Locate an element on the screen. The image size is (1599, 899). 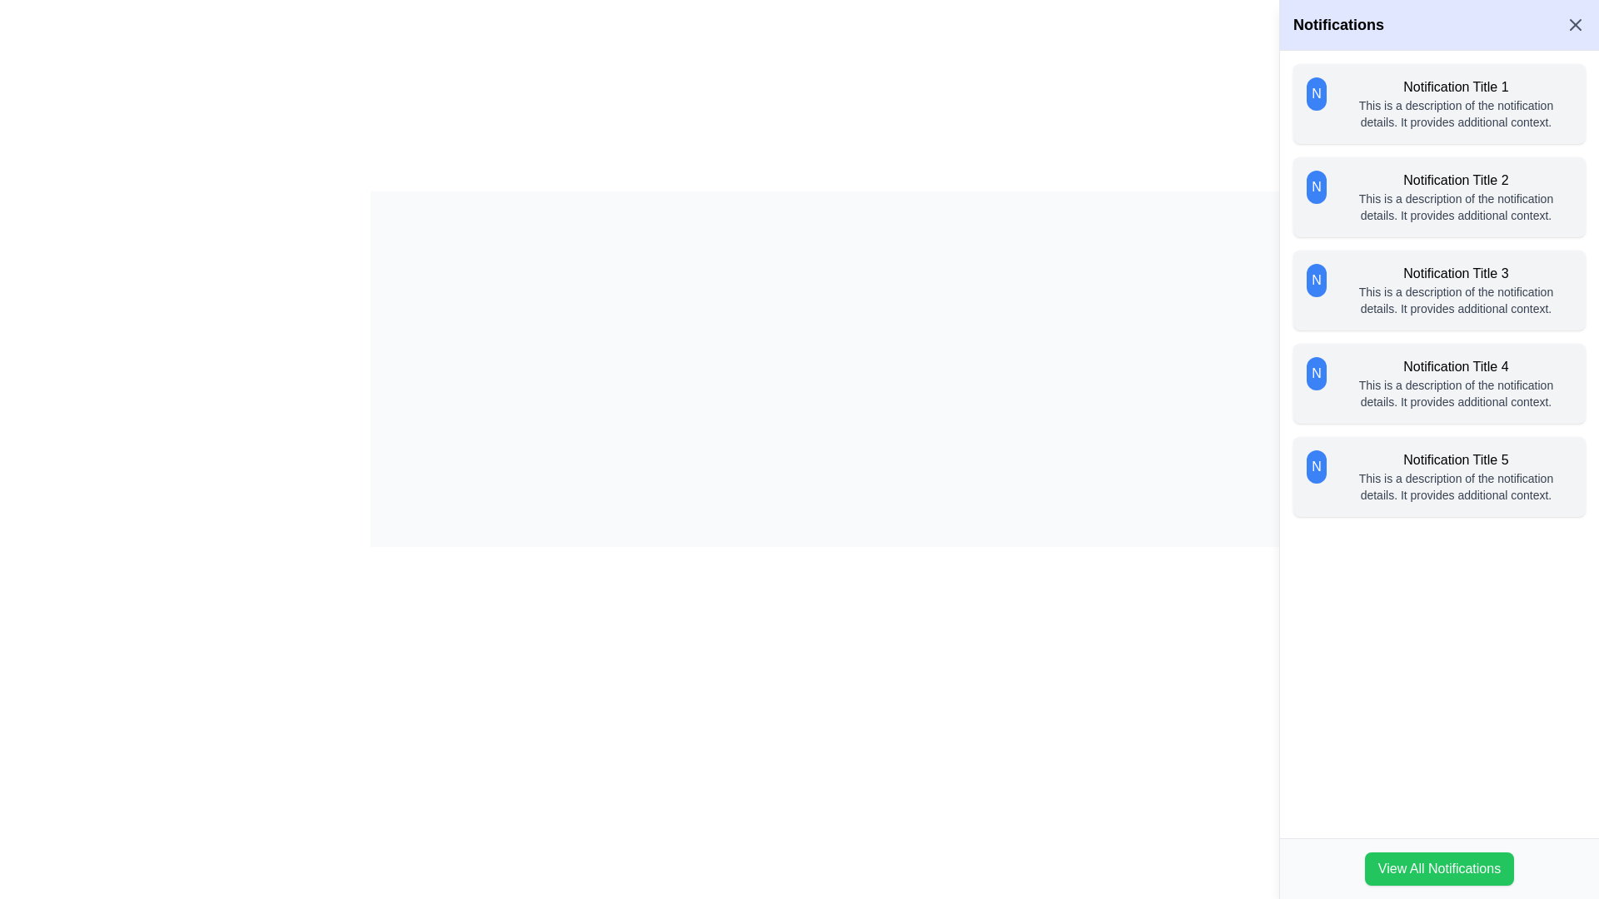
the notification item located beneath the blue circle with the letter 'N' at the top of the right-side panel is located at coordinates (1455, 103).